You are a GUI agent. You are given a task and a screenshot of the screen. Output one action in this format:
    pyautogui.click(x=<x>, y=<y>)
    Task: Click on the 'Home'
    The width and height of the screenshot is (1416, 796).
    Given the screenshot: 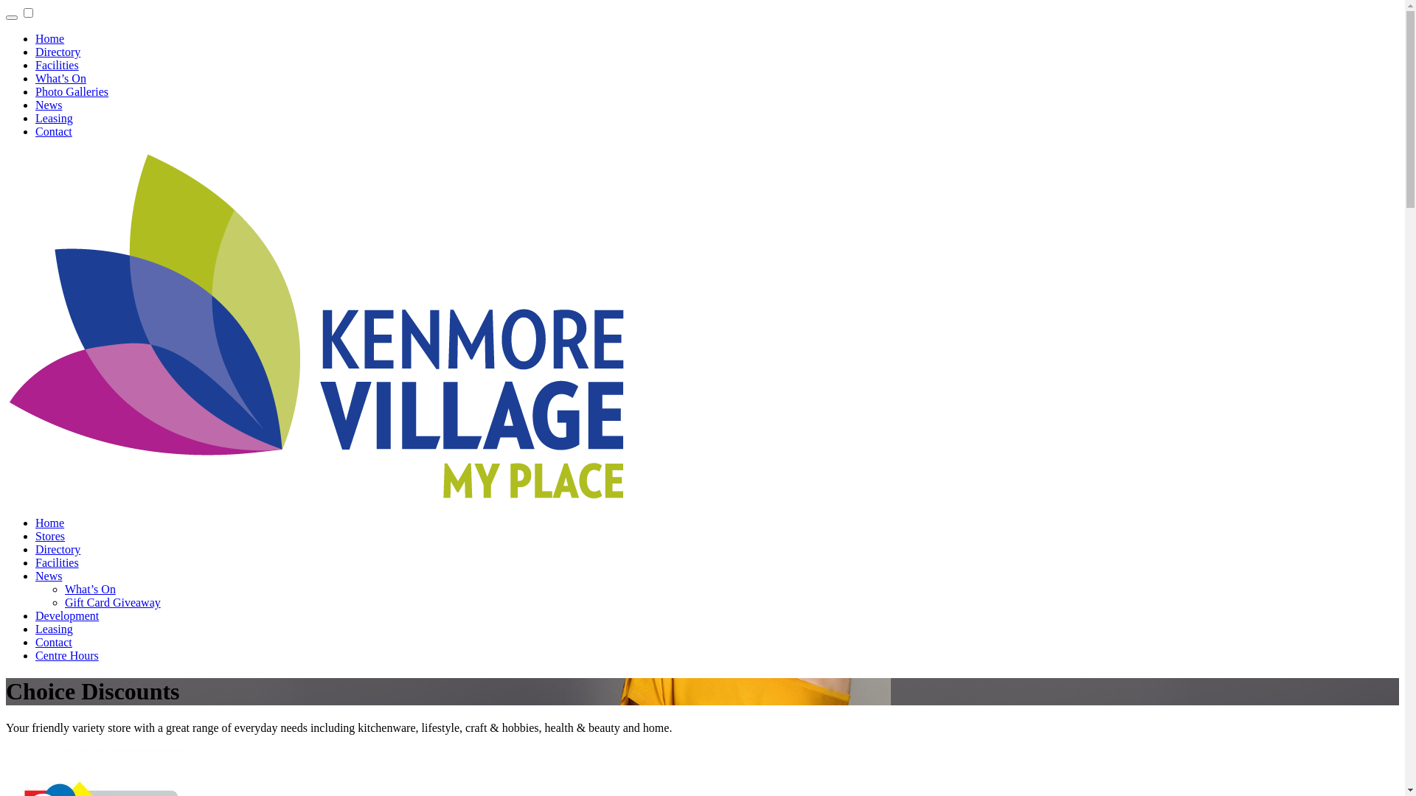 What is the action you would take?
    pyautogui.click(x=49, y=522)
    